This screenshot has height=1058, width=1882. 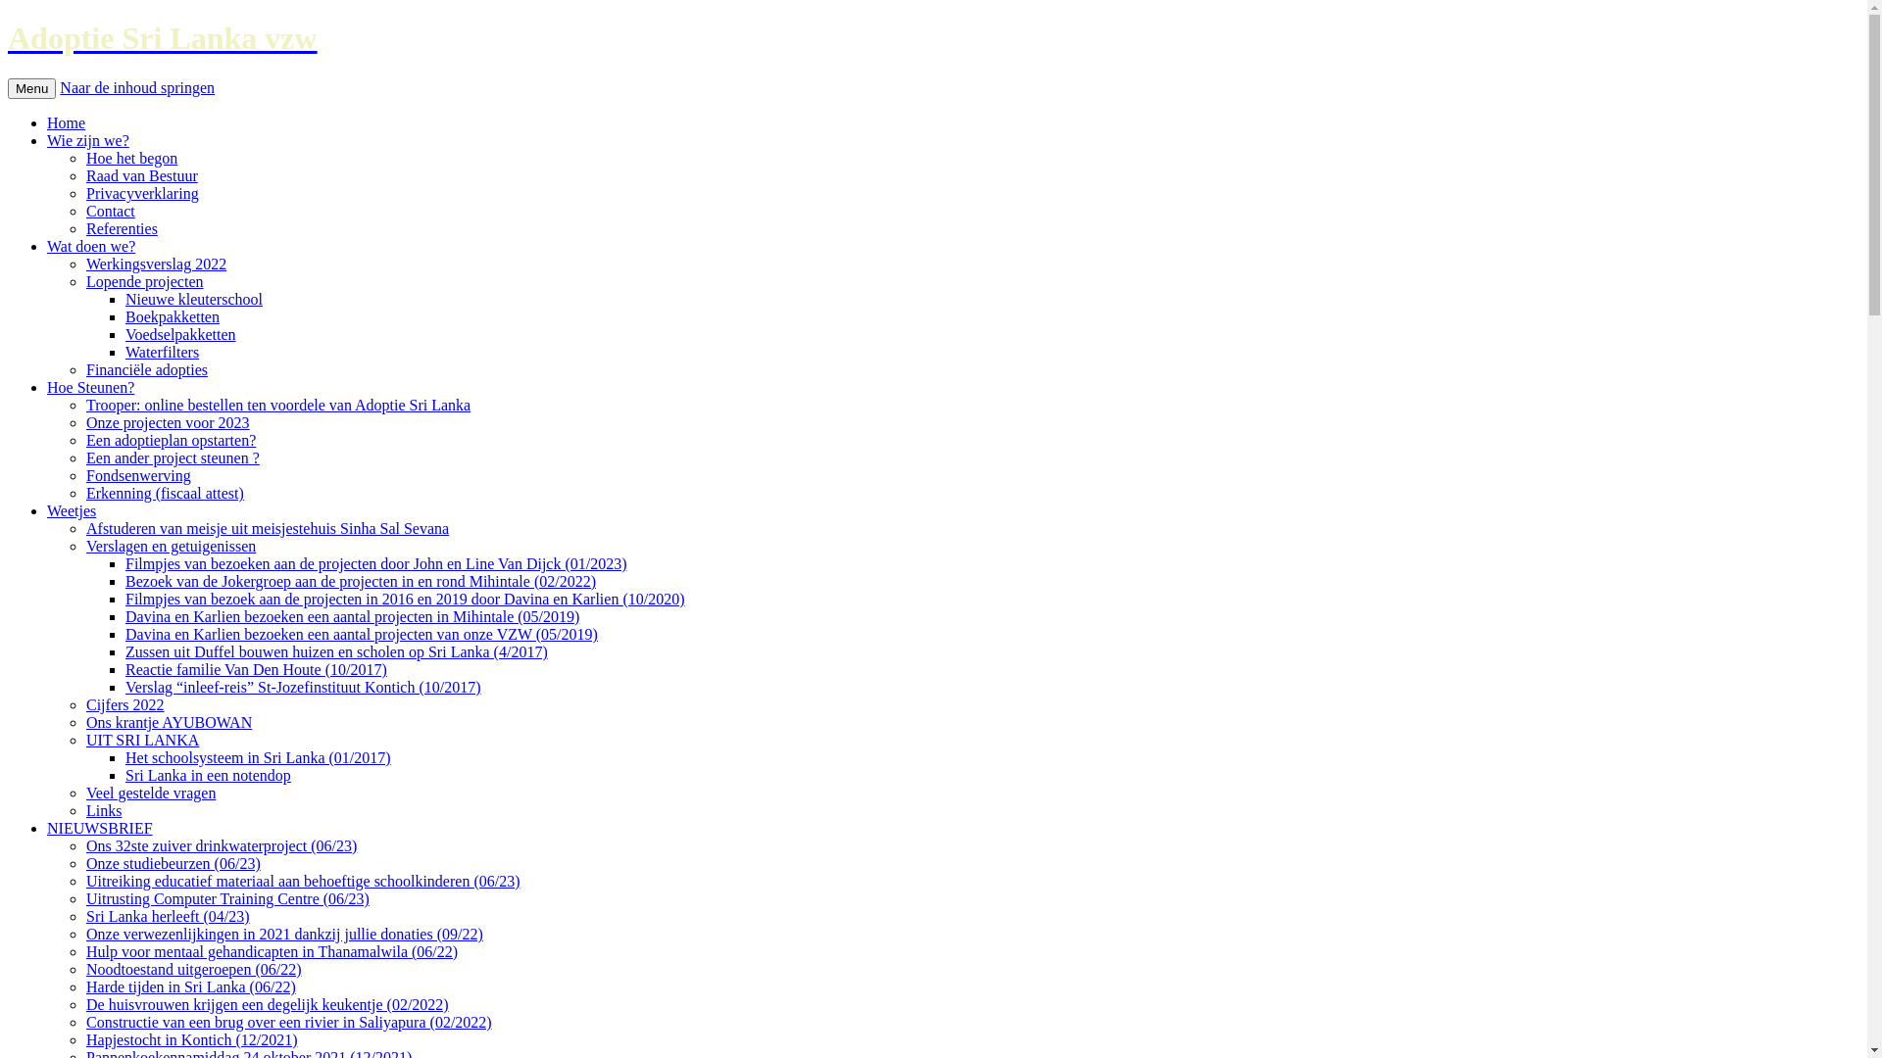 I want to click on 'Reactie familie Van Den Houte (10/2017)', so click(x=124, y=668).